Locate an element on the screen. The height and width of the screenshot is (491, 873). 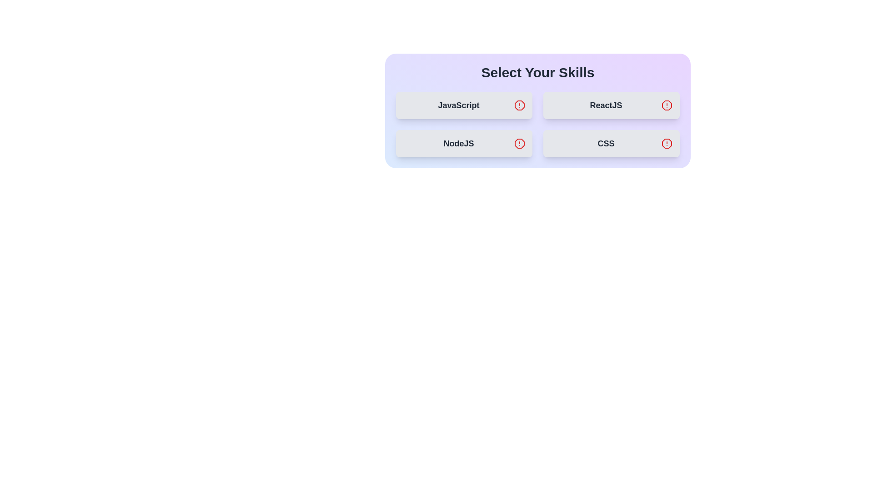
the skill item ReactJS is located at coordinates (611, 105).